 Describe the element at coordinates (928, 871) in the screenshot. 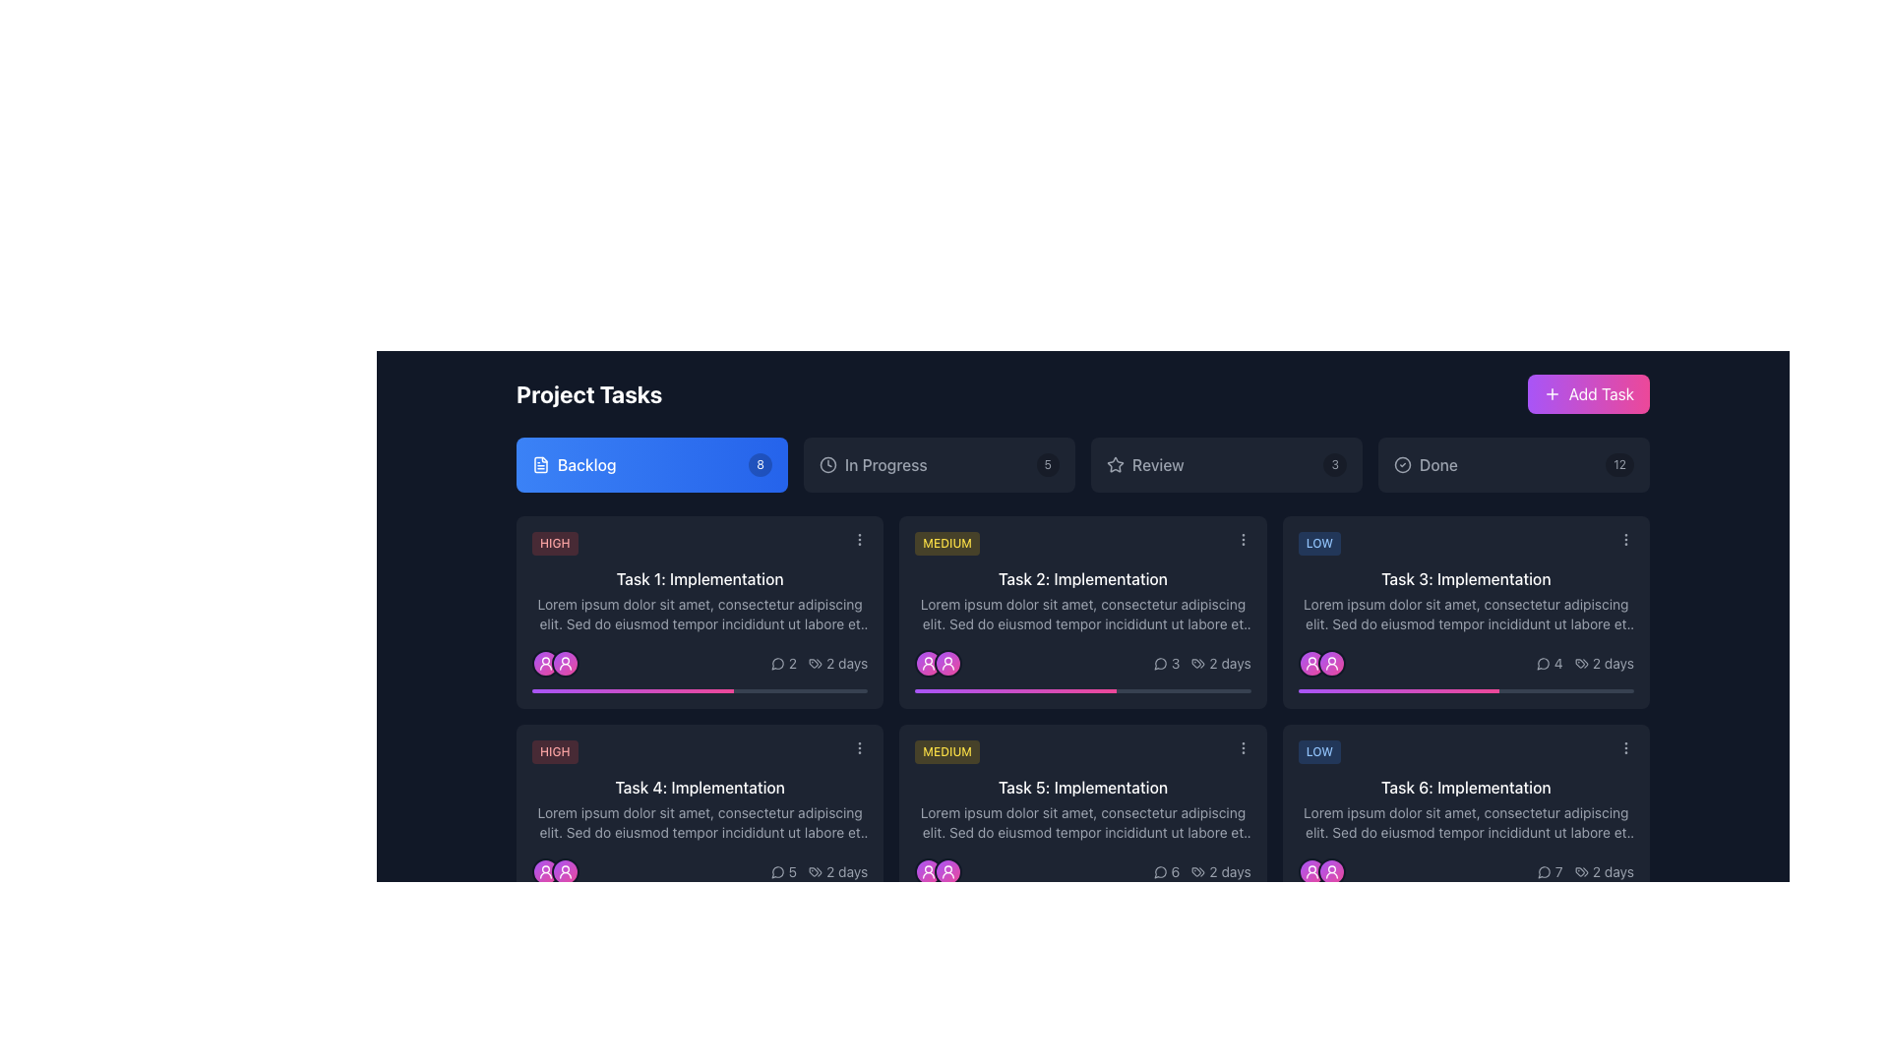

I see `the distinctive circular avatar icon with a gradient background transitioning from purple to pink, located at the bottom-right corner of the 'Task 5: Implementation' card under 'Medium' priority` at that location.